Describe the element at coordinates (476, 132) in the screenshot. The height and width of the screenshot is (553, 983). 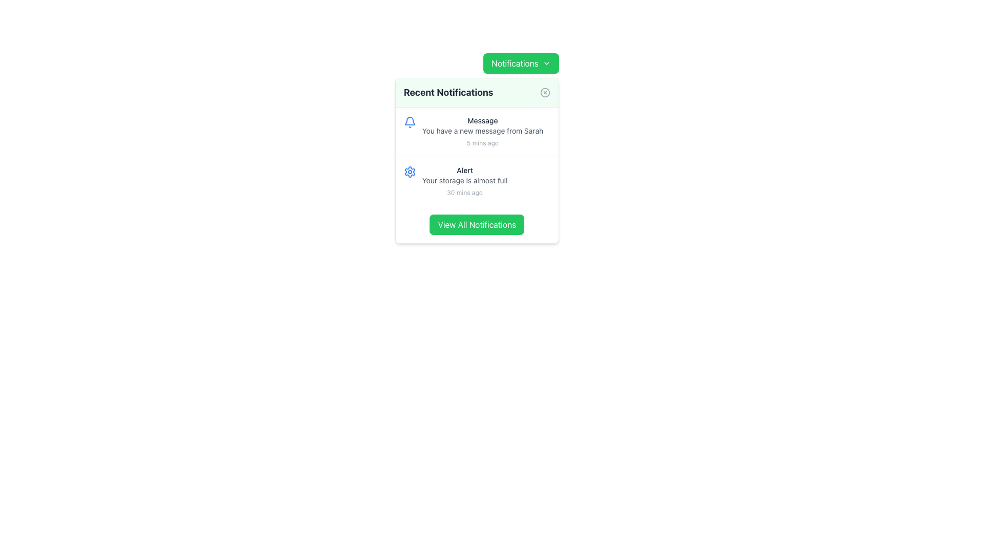
I see `the first notification item in the 'Recent Notifications' dropdown, which displays a notification and is positioned directly above the 'Alert' item` at that location.